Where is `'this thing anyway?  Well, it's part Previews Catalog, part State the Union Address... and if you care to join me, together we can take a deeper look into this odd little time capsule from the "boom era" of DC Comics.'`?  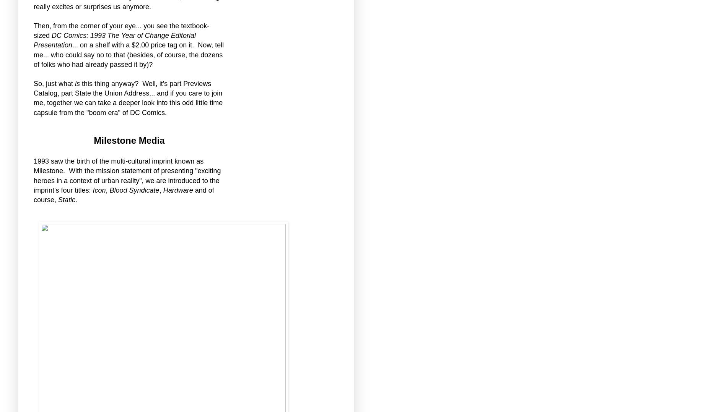 'this thing anyway?  Well, it's part Previews Catalog, part State the Union Address... and if you care to join me, together we can take a deeper look into this odd little time capsule from the "boom era" of DC Comics.' is located at coordinates (128, 97).